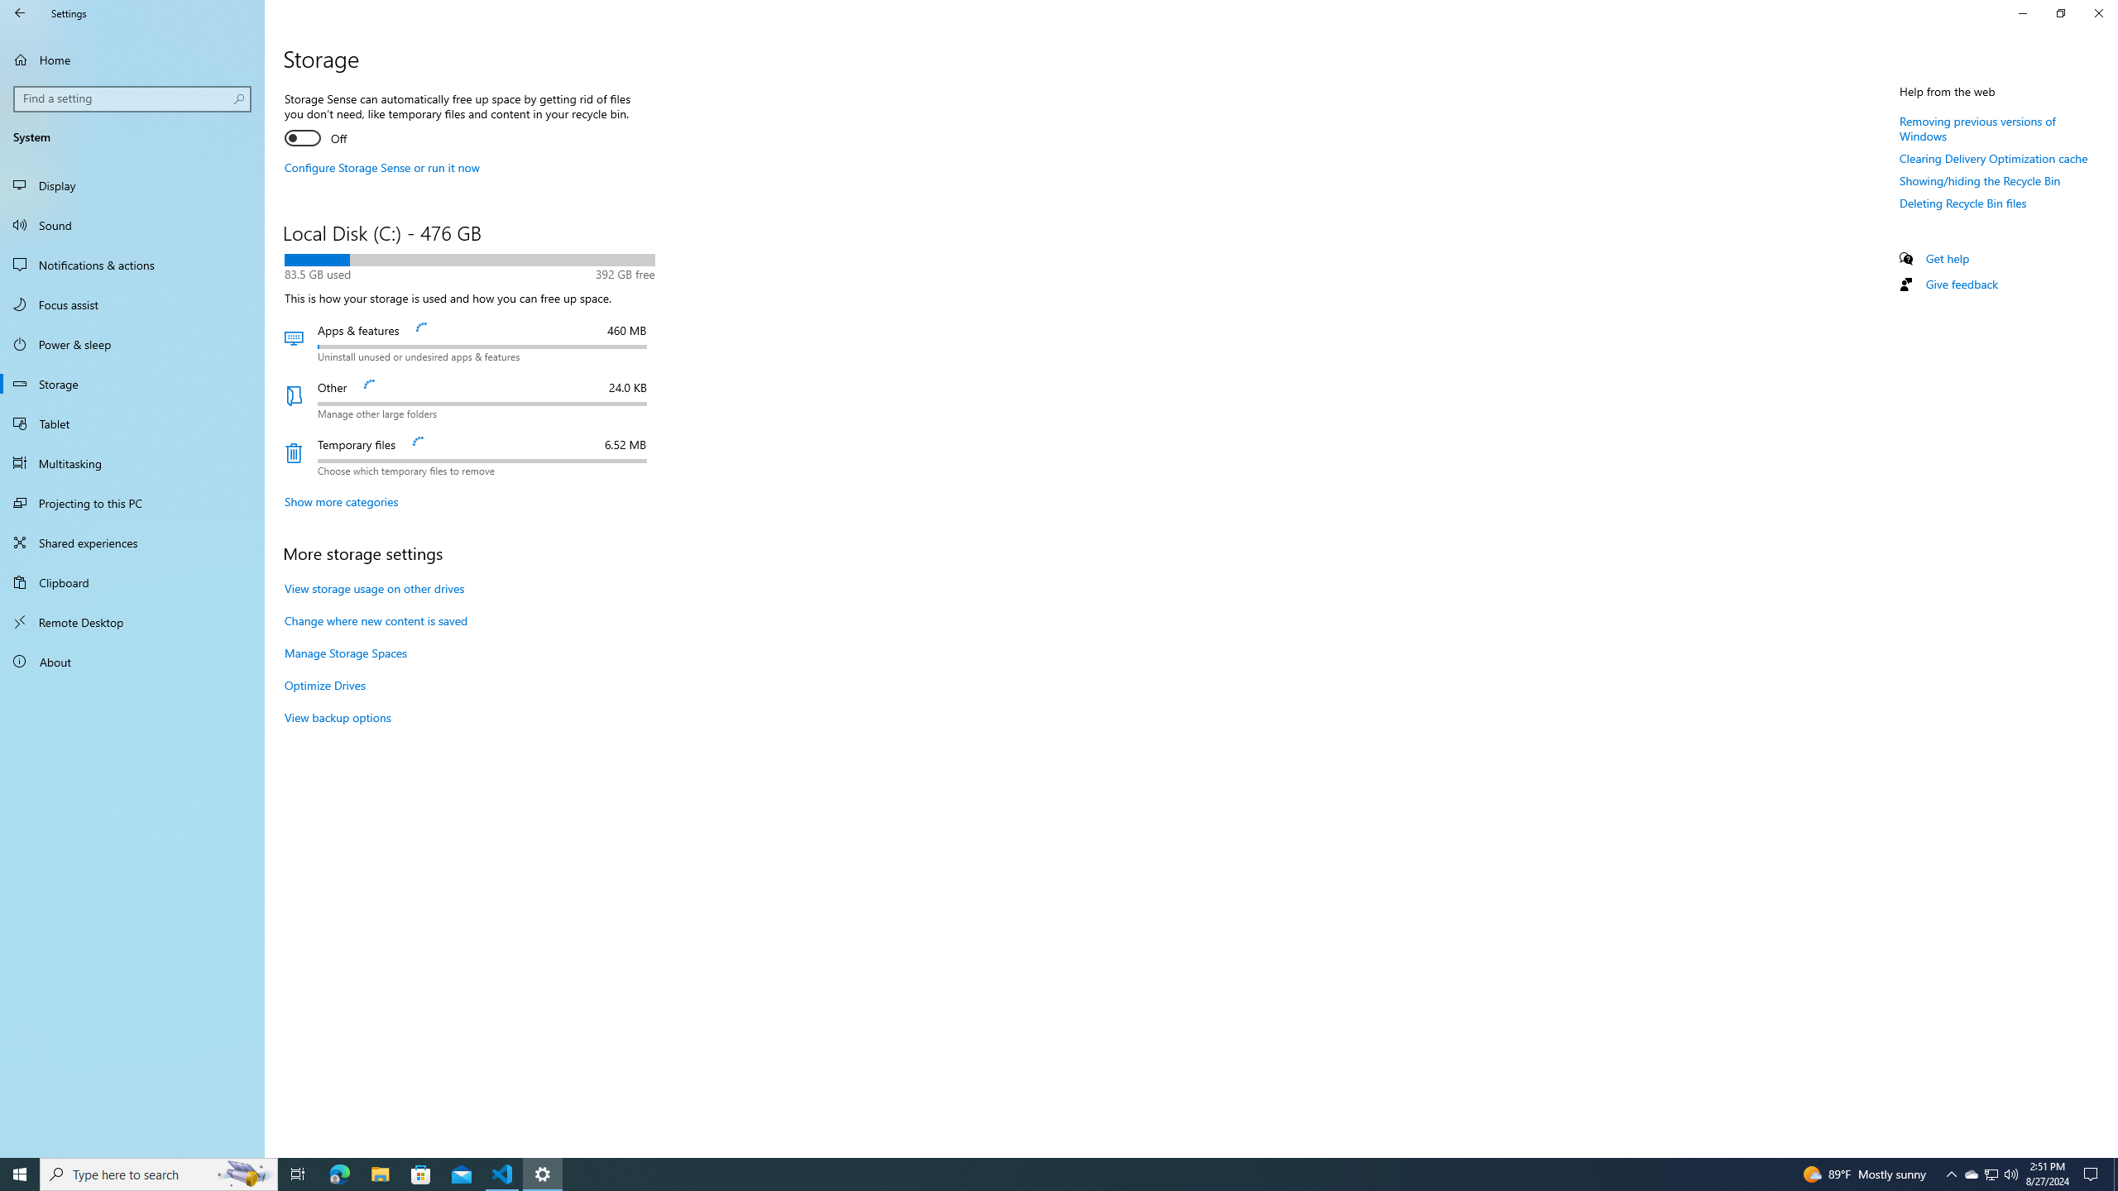 The height and width of the screenshot is (1191, 2118). I want to click on 'Multitasking', so click(132, 462).